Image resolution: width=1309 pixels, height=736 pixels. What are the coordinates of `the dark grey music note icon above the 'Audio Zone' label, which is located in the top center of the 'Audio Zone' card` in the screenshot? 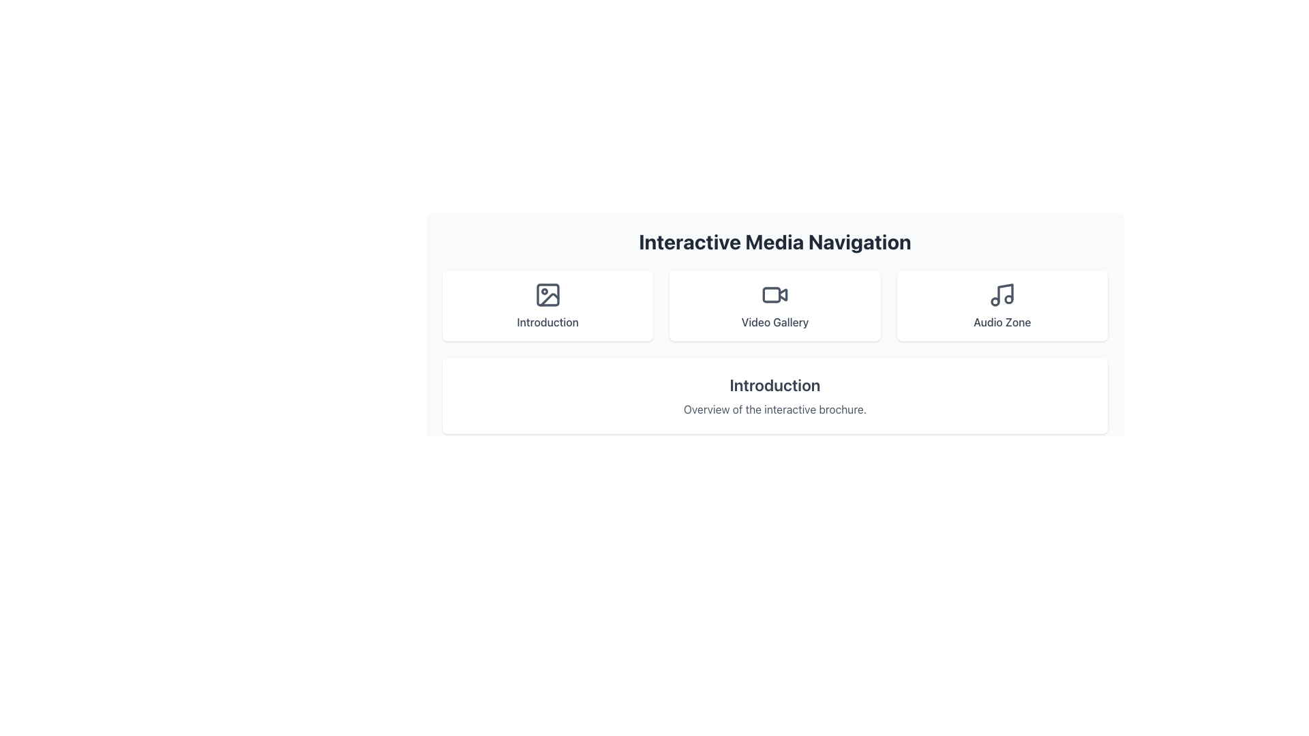 It's located at (1002, 294).